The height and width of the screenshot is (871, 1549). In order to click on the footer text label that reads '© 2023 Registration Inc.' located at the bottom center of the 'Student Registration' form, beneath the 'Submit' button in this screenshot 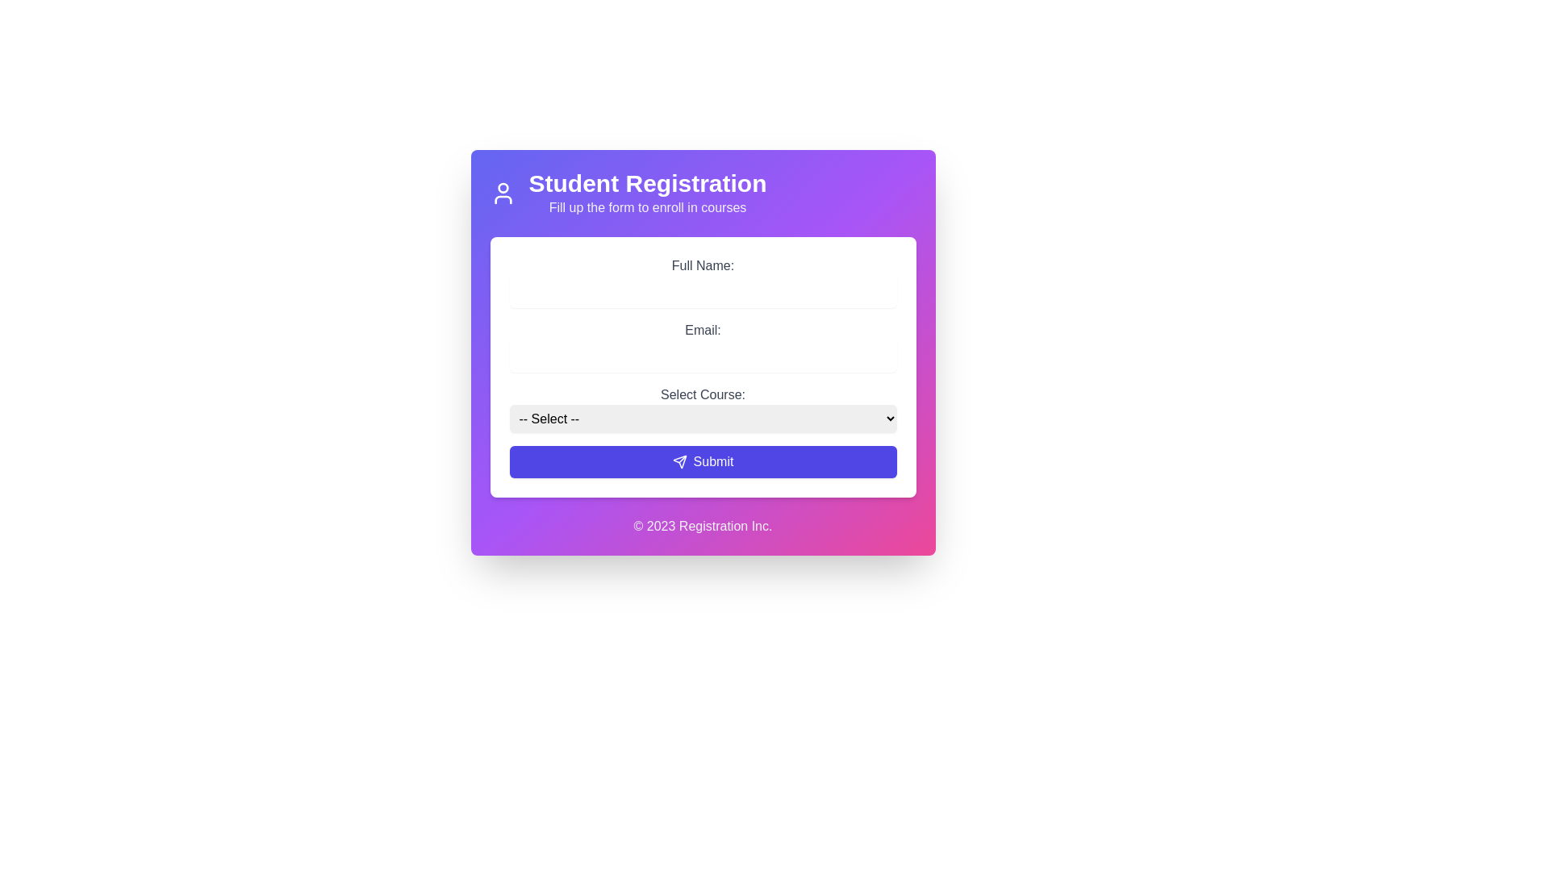, I will do `click(703, 516)`.